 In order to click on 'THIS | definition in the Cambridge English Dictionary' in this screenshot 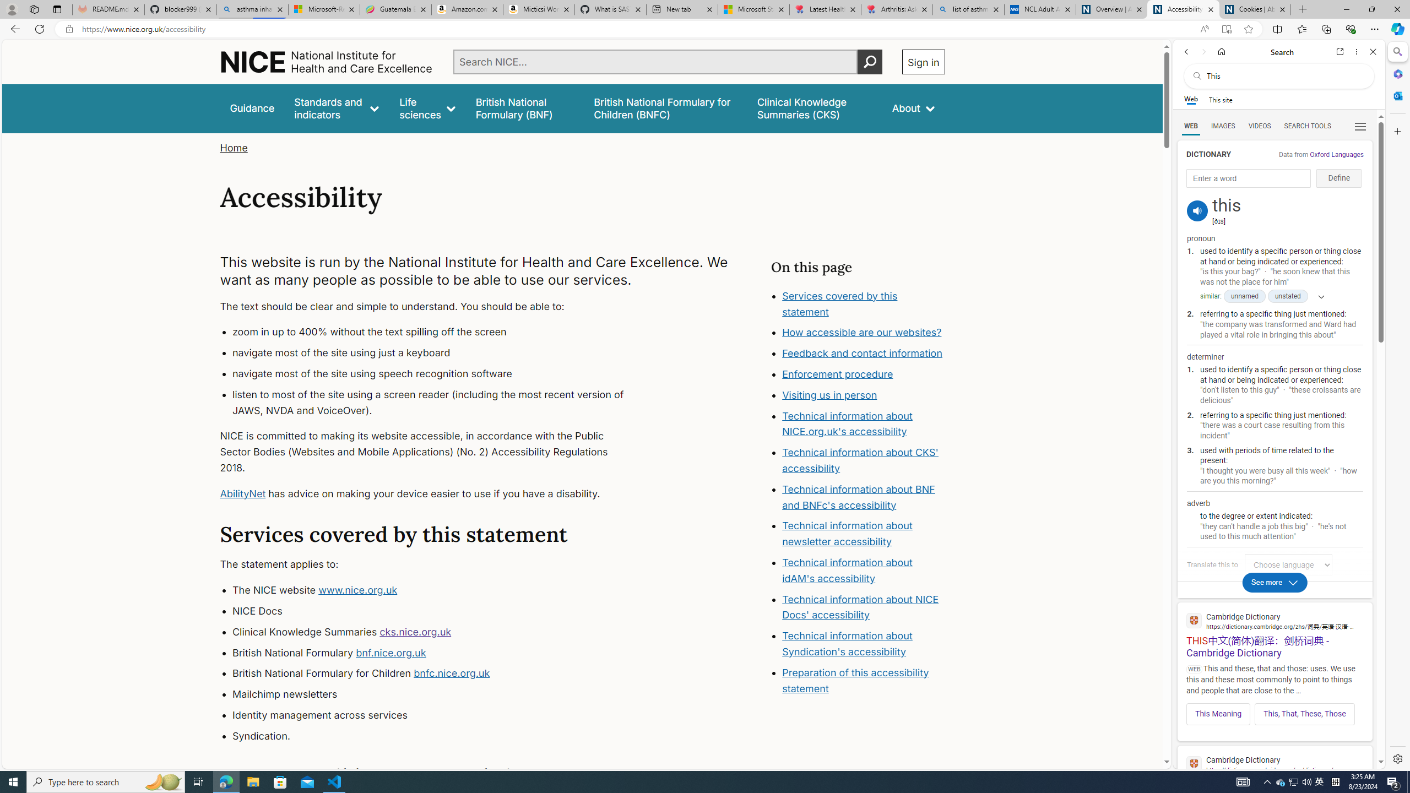, I will do `click(1275, 774)`.